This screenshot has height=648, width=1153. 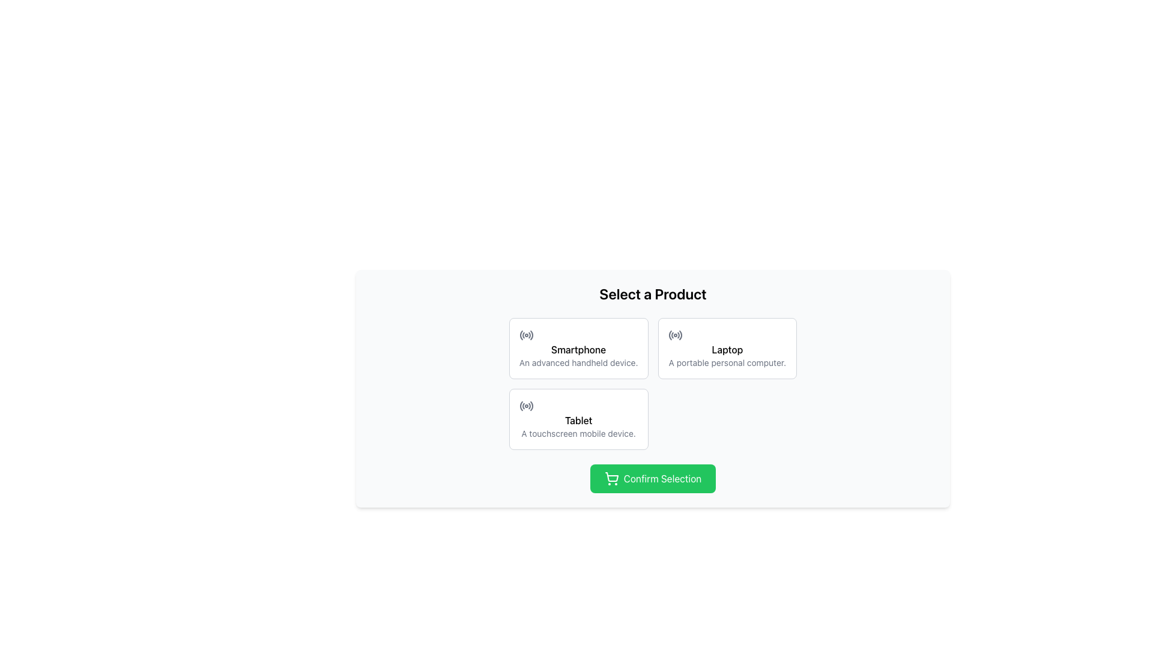 What do you see at coordinates (526, 335) in the screenshot?
I see `the SVG icon representing the 'Smartphone' option within its card, which is positioned in the top-left of a grid of three cards` at bounding box center [526, 335].